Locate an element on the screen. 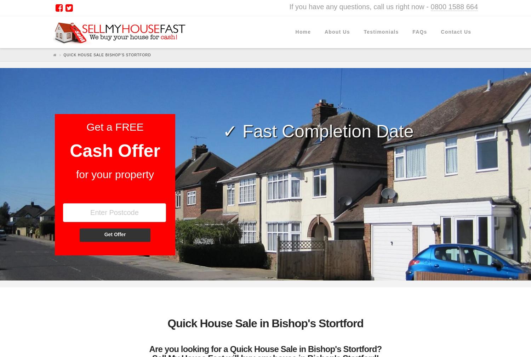  'Are you looking for a Quick House Sale in Bishop's Stortford?' is located at coordinates (265, 348).